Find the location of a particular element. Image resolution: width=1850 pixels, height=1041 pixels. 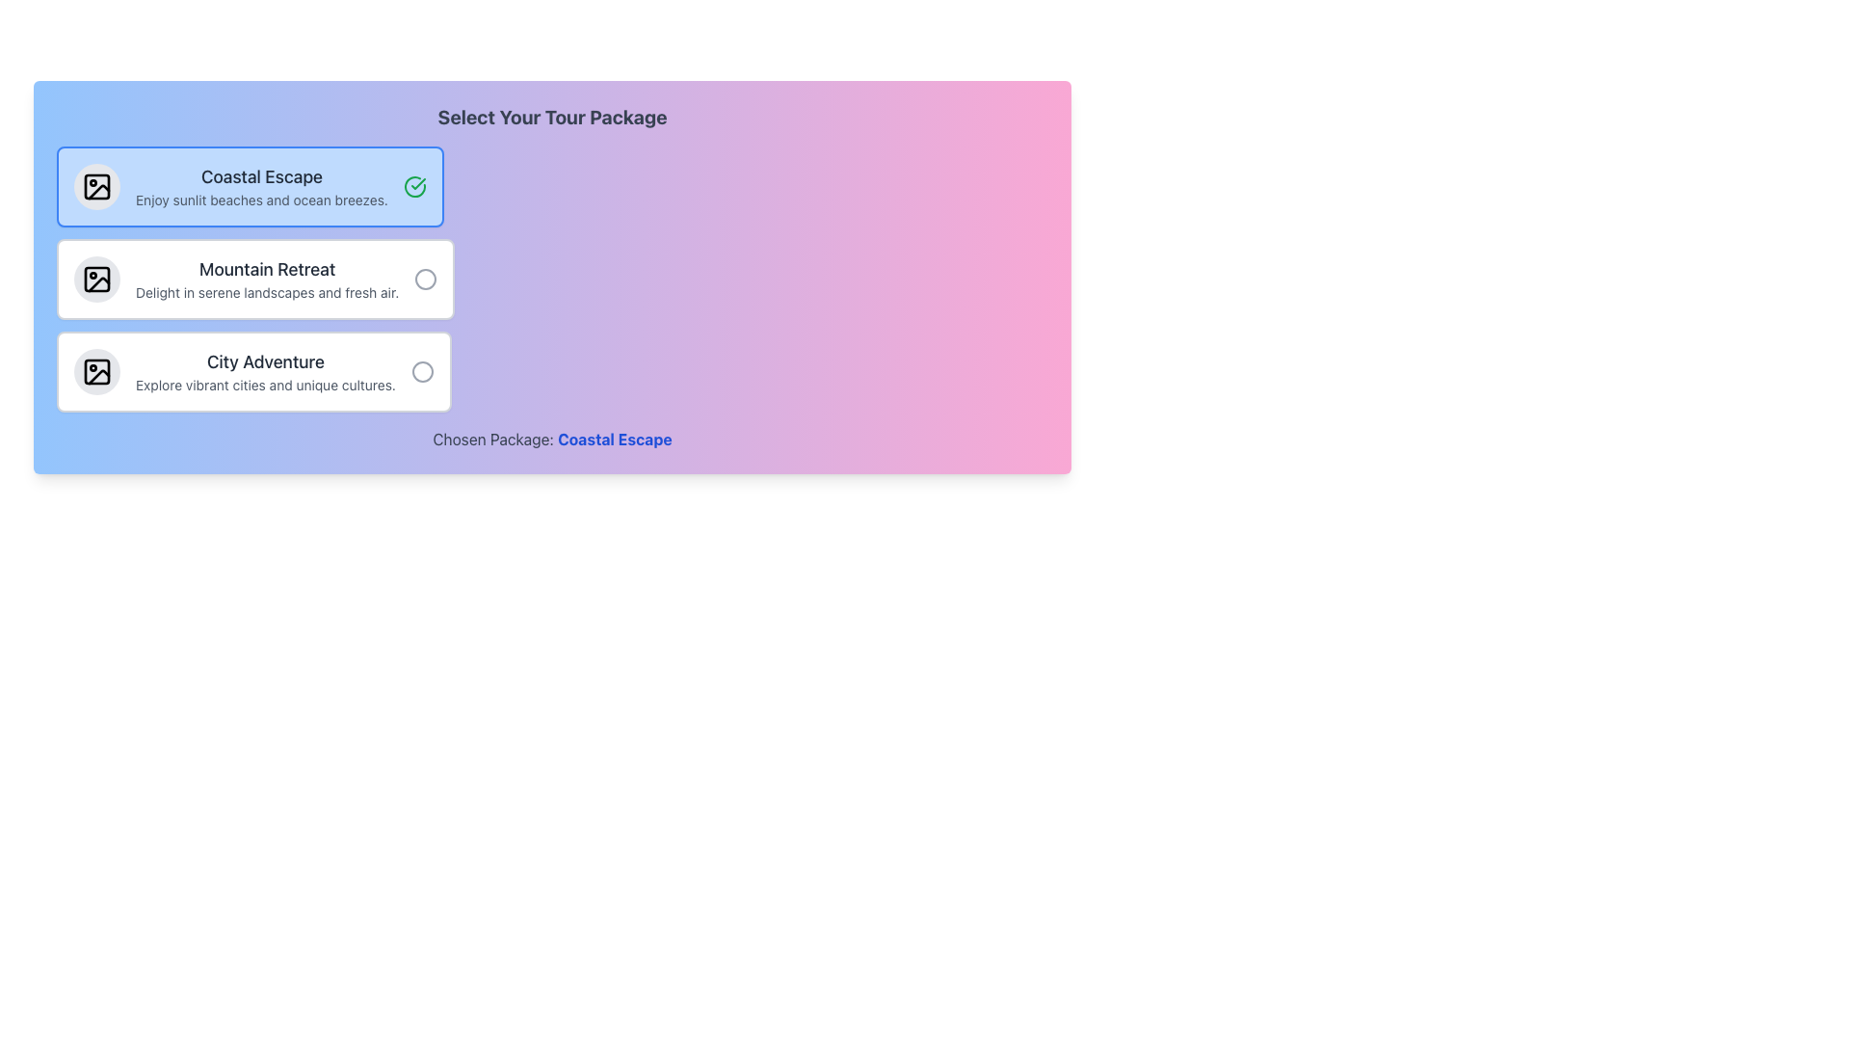

bold, centered heading text that says 'Select Your Tour Package' styled in large gray font against a gradient background is located at coordinates (551, 118).